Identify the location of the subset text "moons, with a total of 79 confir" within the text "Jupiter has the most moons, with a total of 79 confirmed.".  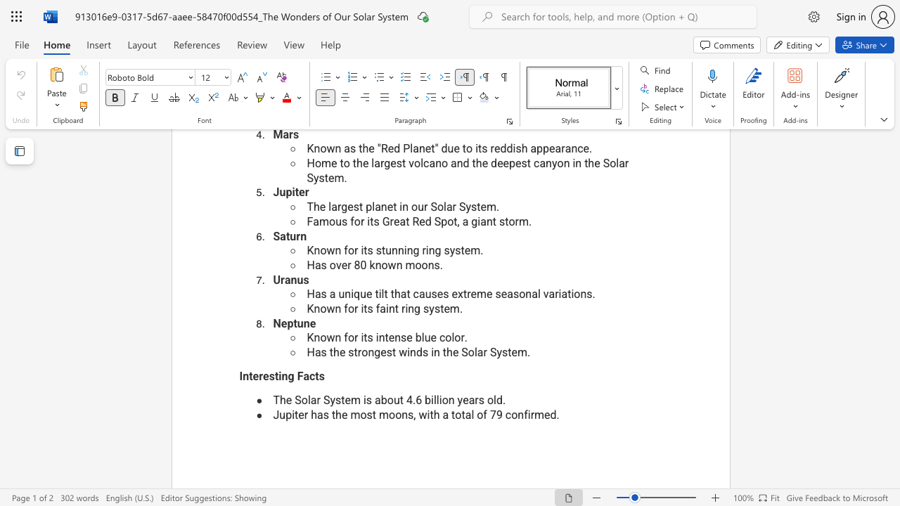
(379, 414).